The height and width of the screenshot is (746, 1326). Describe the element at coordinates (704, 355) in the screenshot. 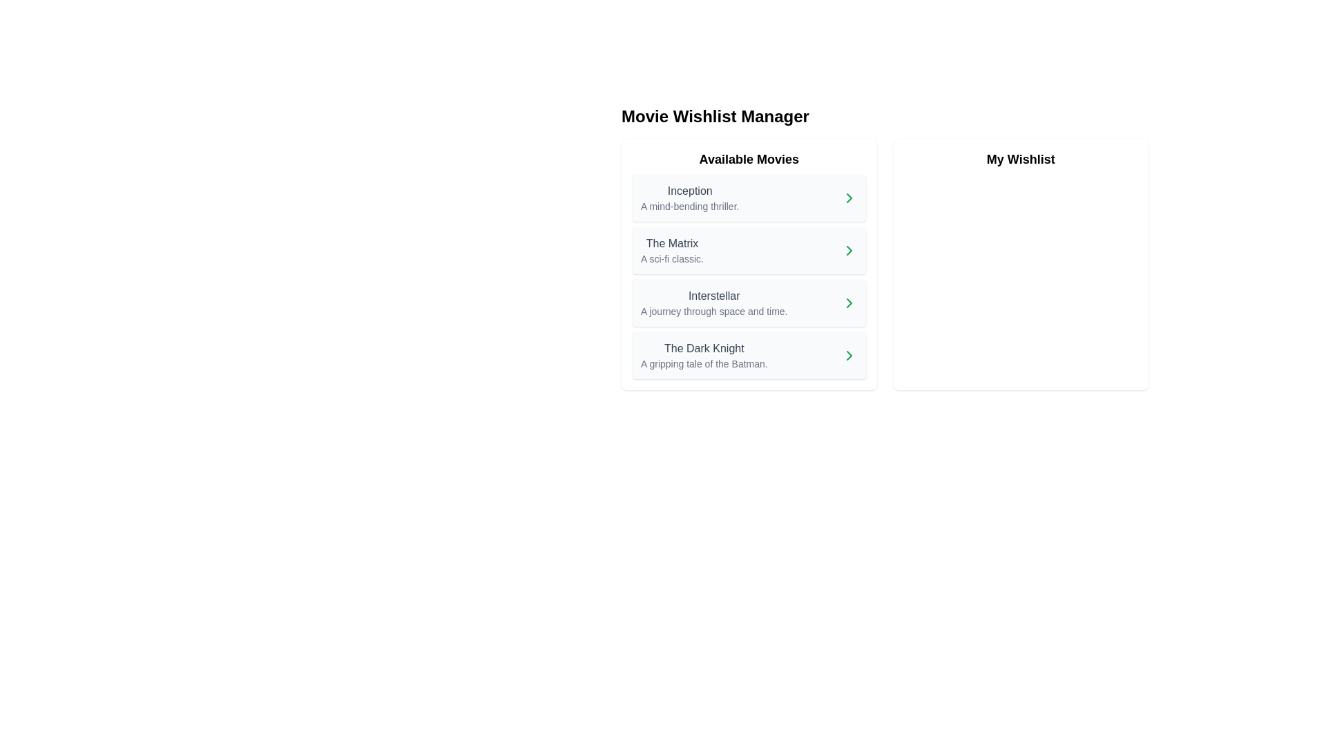

I see `the text block titled 'The Dark Knight' which contains a subtitle 'A gripping tale of the Batman.' located in the fourth item of the 'Available Movies' list` at that location.